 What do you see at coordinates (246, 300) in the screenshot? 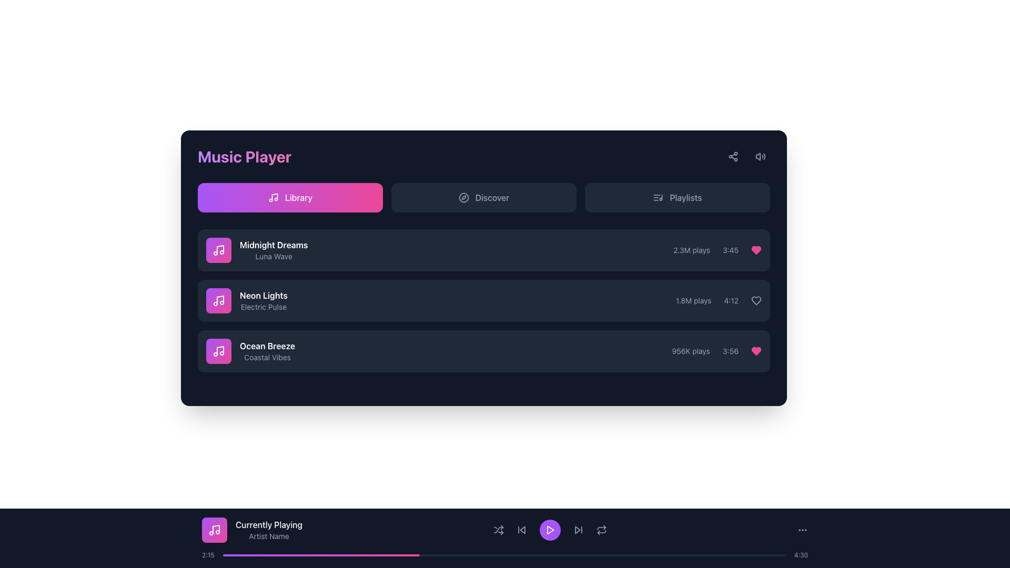
I see `the 'Neon Lights' text label element, which displays the title and subtitle of a music track` at bounding box center [246, 300].